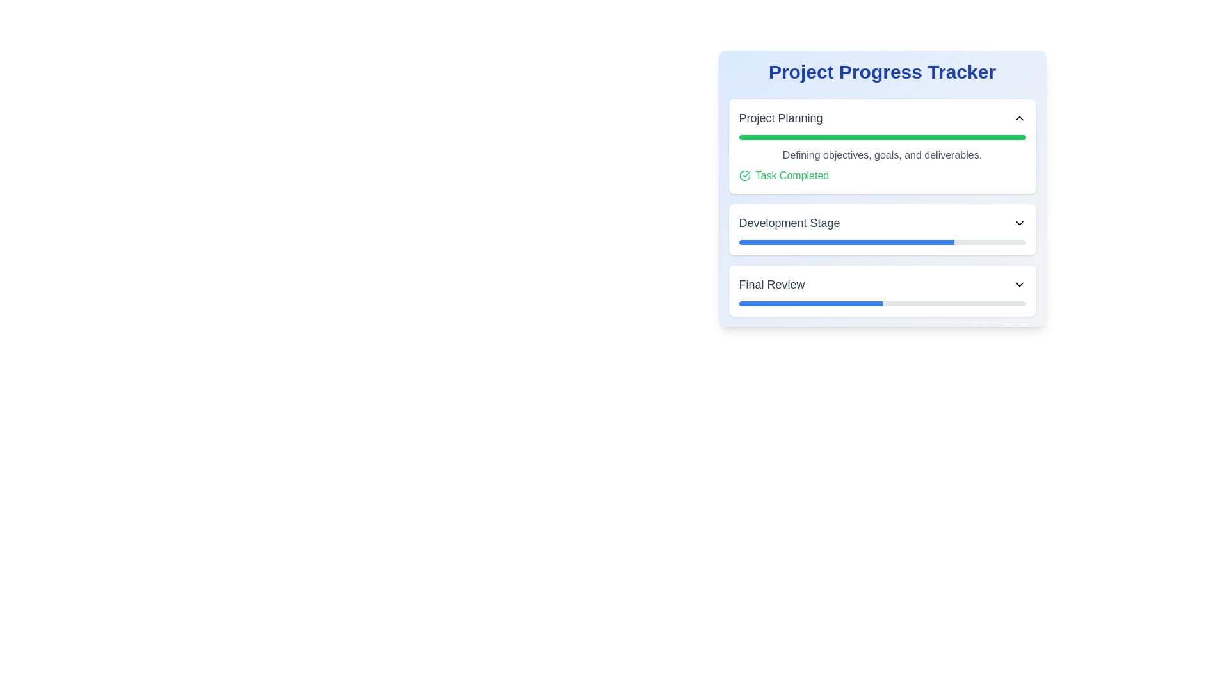 The width and height of the screenshot is (1229, 691). What do you see at coordinates (791, 175) in the screenshot?
I see `the text label that reads 'Task Completed' in green font, indicating a completed task, positioned next to the circular checkmark icon in the 'Project Progress Tracker' card` at bounding box center [791, 175].